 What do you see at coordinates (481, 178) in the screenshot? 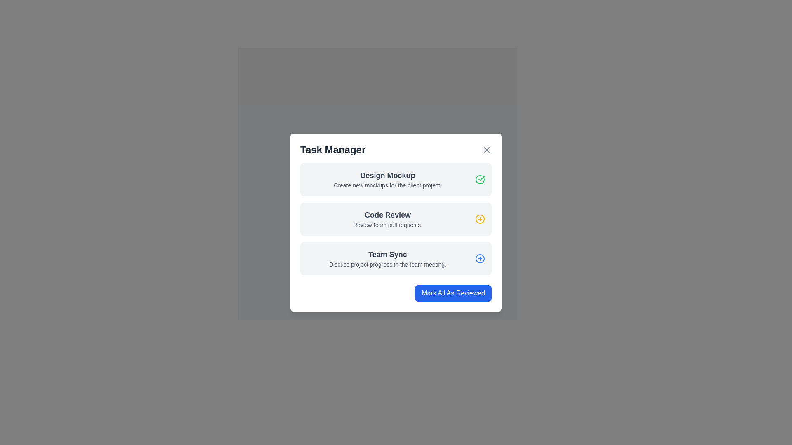
I see `the completion status icon for the 'Design Mockup' task in the 'Task Manager' interface, which is located to the right of the task label` at bounding box center [481, 178].